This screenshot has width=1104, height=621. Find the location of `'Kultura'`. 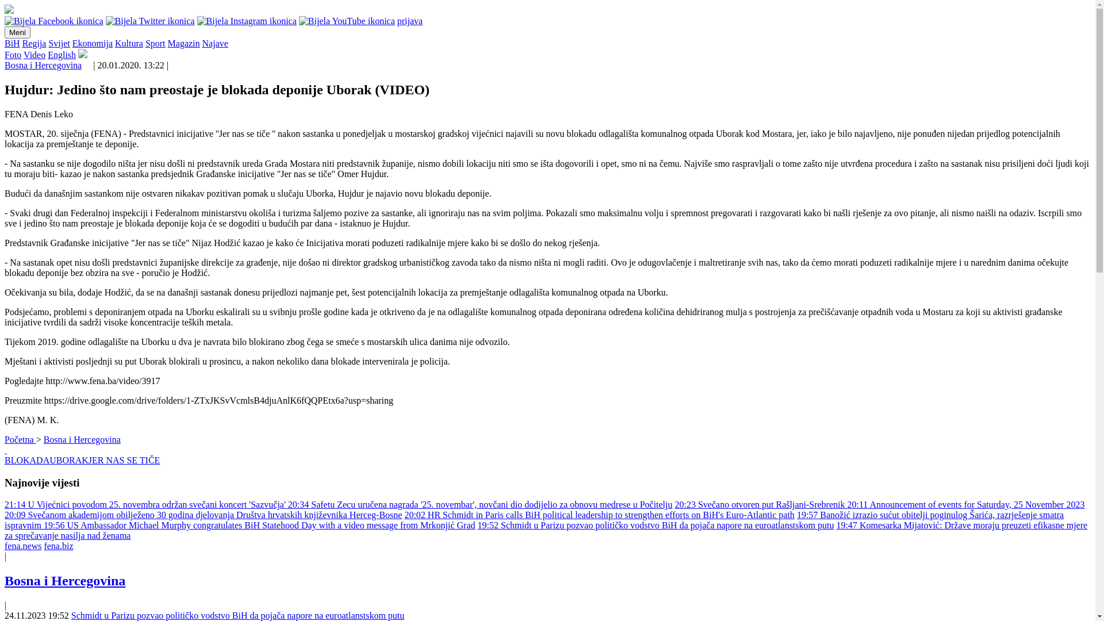

'Kultura' is located at coordinates (129, 43).